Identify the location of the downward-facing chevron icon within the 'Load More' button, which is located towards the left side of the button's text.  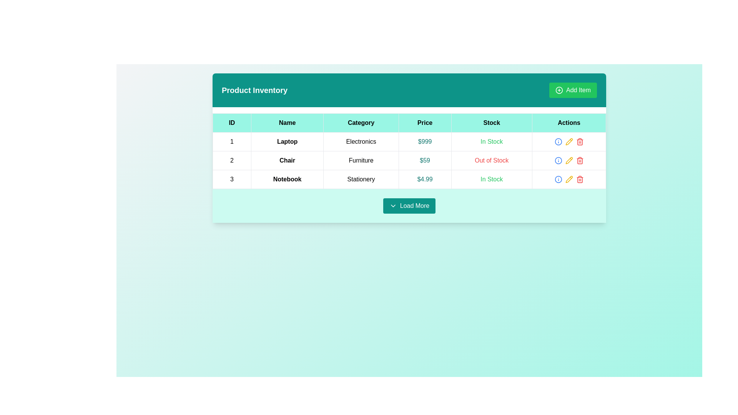
(393, 206).